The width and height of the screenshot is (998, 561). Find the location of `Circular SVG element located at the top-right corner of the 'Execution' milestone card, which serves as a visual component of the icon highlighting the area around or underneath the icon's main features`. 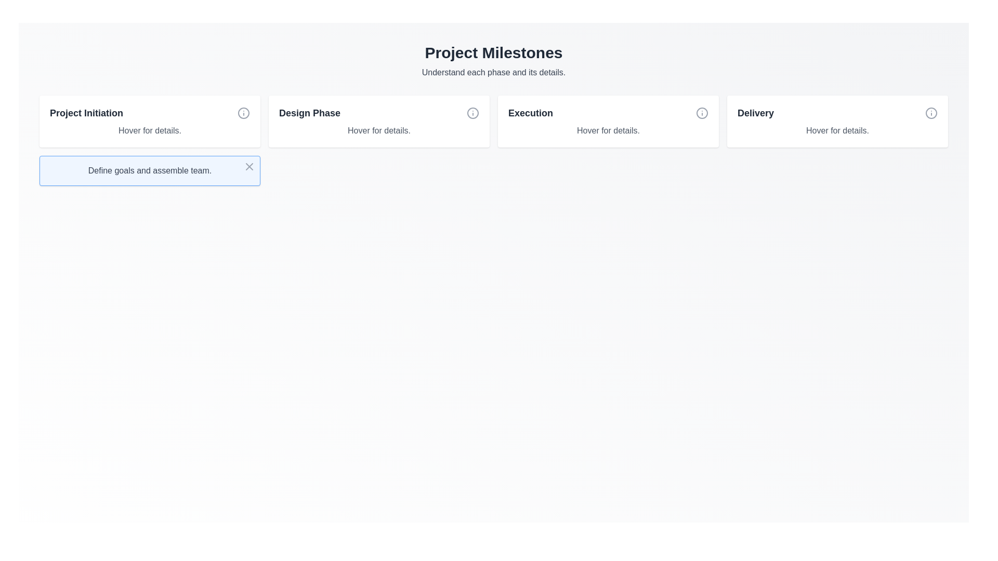

Circular SVG element located at the top-right corner of the 'Execution' milestone card, which serves as a visual component of the icon highlighting the area around or underneath the icon's main features is located at coordinates (702, 113).